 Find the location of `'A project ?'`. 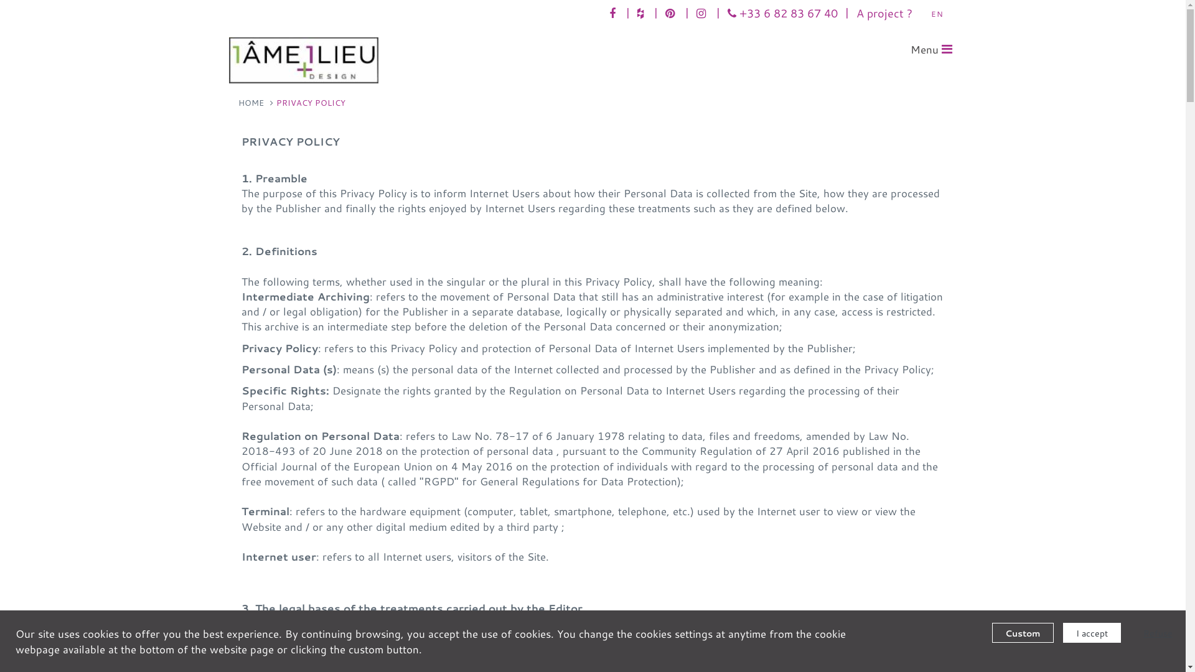

'A project ?' is located at coordinates (883, 12).